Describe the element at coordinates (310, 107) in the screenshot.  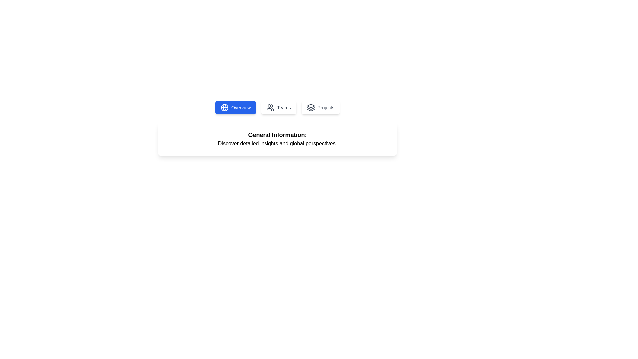
I see `the 'Projects' icon, which is part of a button on the rightmost side of a horizontal row of buttons, used for navigation or selection in the interface` at that location.